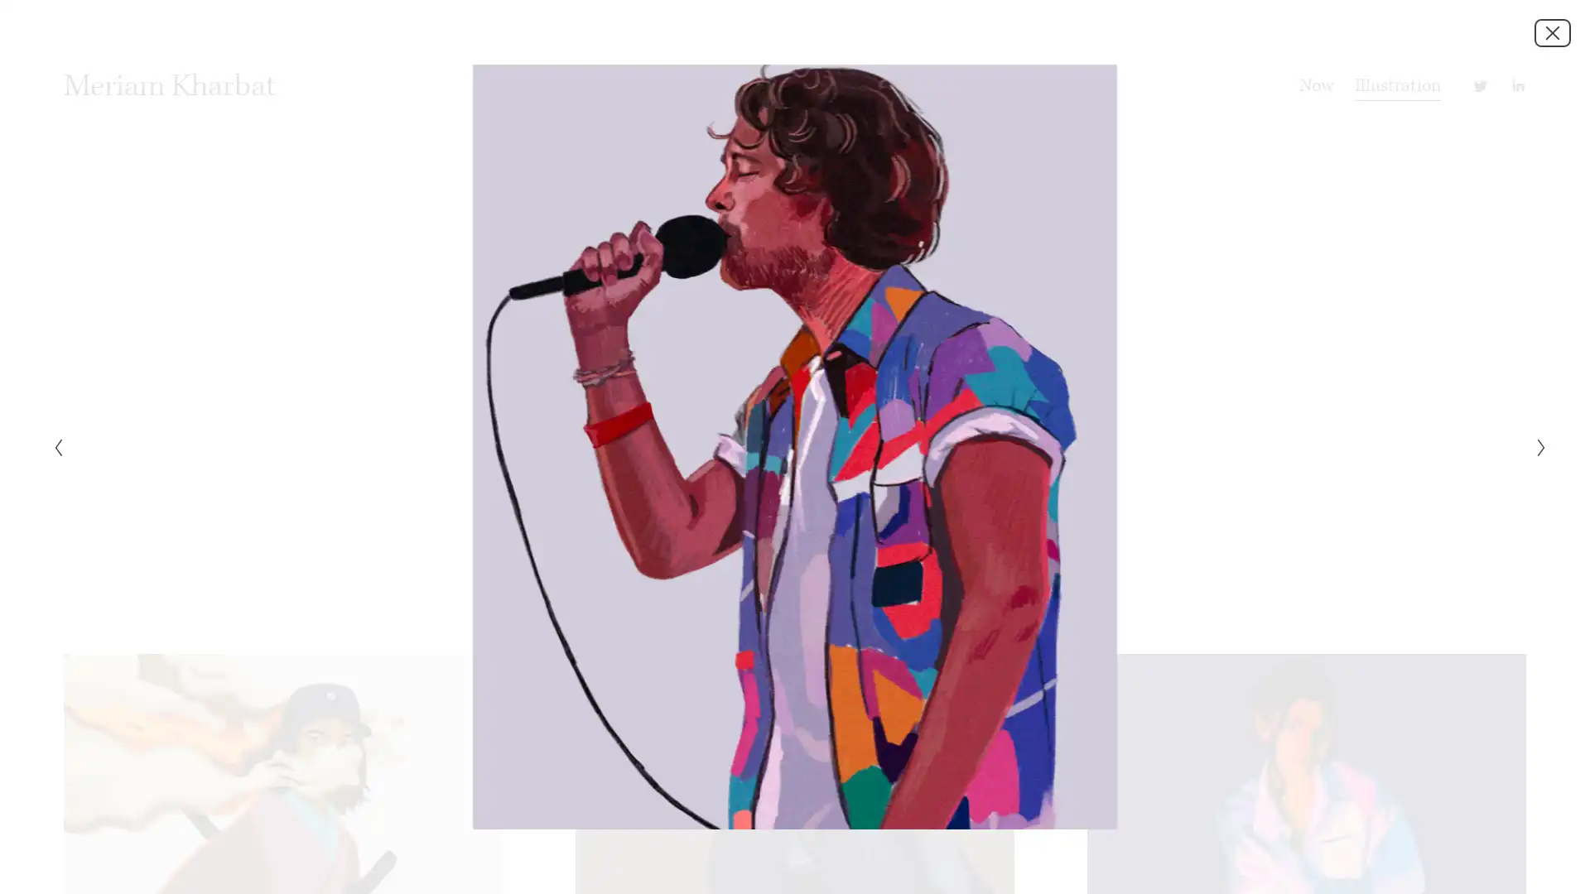 The image size is (1590, 894). I want to click on Close, so click(1552, 31).